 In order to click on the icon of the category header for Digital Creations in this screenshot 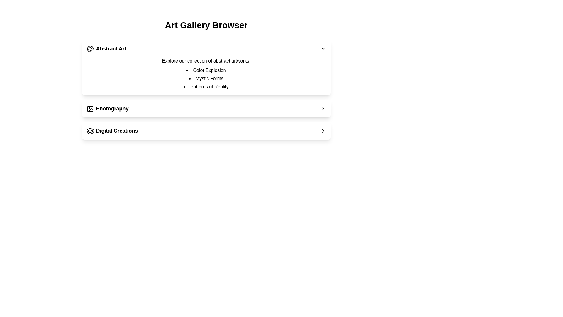, I will do `click(90, 131)`.